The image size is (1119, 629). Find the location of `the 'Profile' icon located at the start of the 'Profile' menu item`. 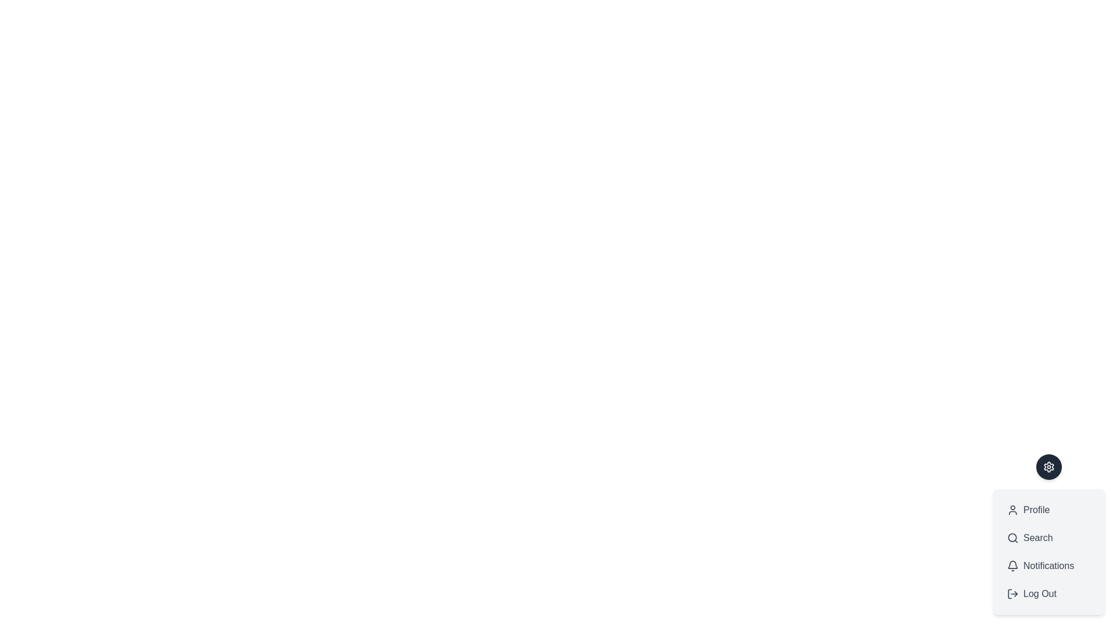

the 'Profile' icon located at the start of the 'Profile' menu item is located at coordinates (1012, 509).